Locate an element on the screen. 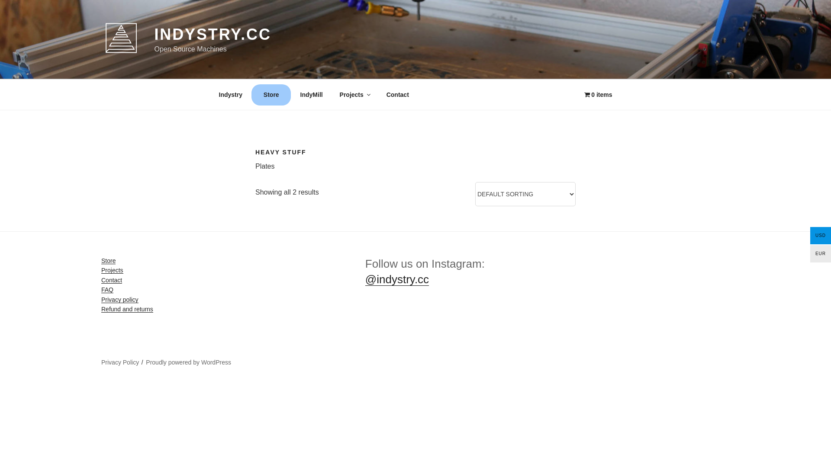 The image size is (831, 467). 'Store' is located at coordinates (108, 260).